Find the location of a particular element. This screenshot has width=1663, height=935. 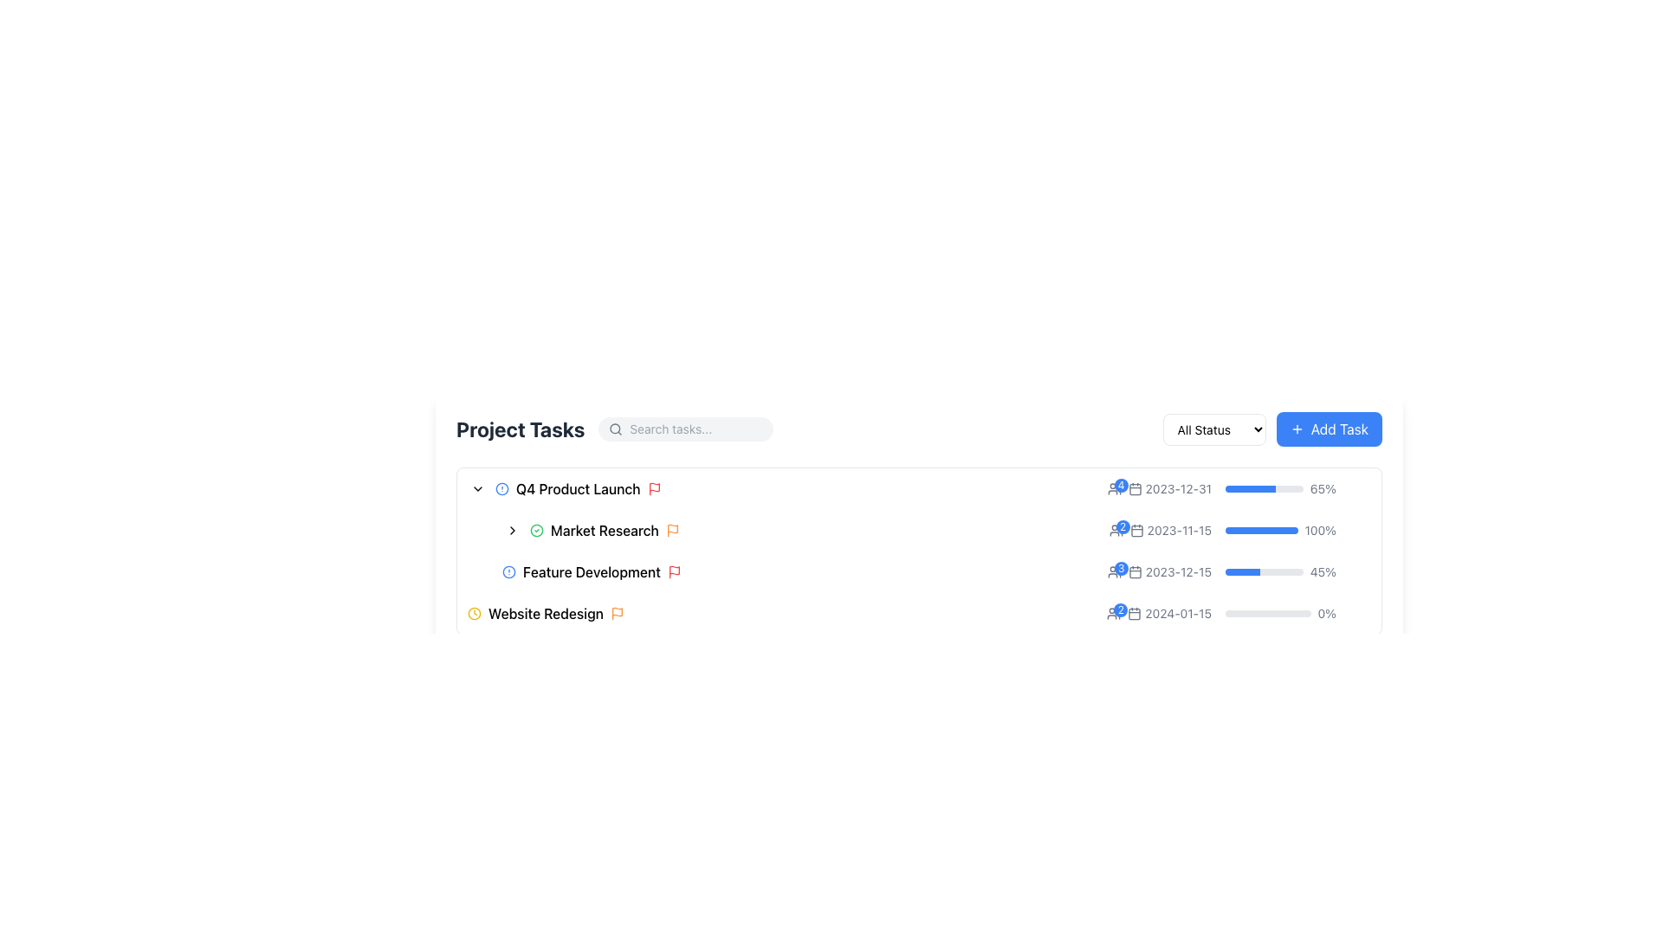

the progress bar component indicating 100% completion in the 'Market Research' row under the 'Project Tasks' section is located at coordinates (1239, 530).